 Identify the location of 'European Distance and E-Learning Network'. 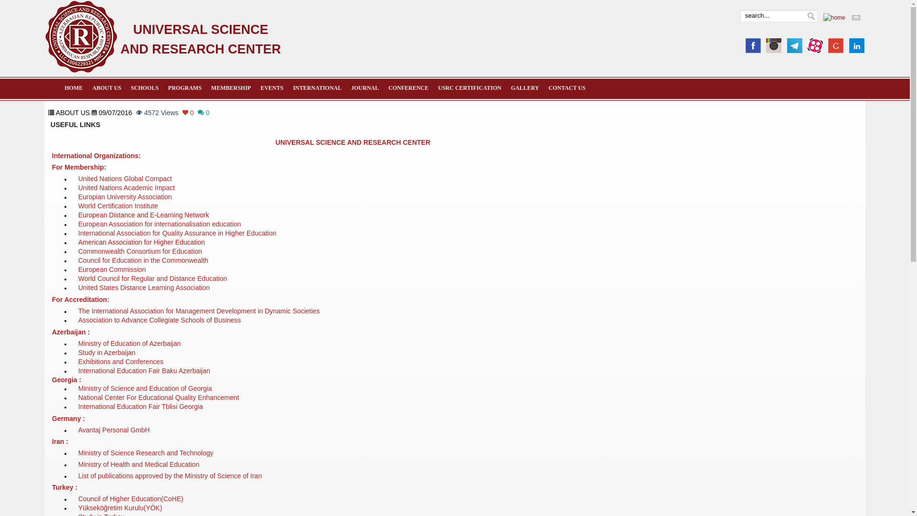
(143, 215).